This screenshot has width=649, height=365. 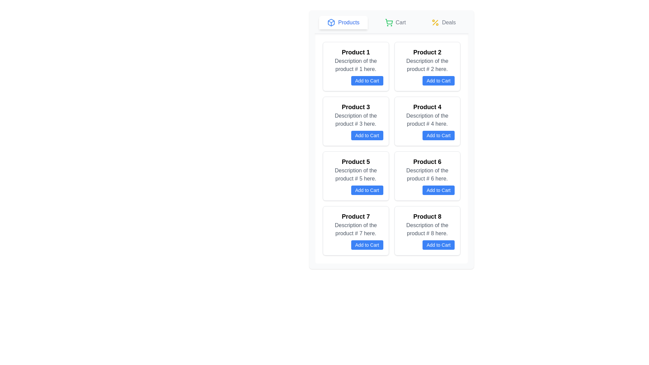 What do you see at coordinates (355, 136) in the screenshot?
I see `the 'Add to Cart' button for 'Product 3' located at the bottom right of its panel` at bounding box center [355, 136].